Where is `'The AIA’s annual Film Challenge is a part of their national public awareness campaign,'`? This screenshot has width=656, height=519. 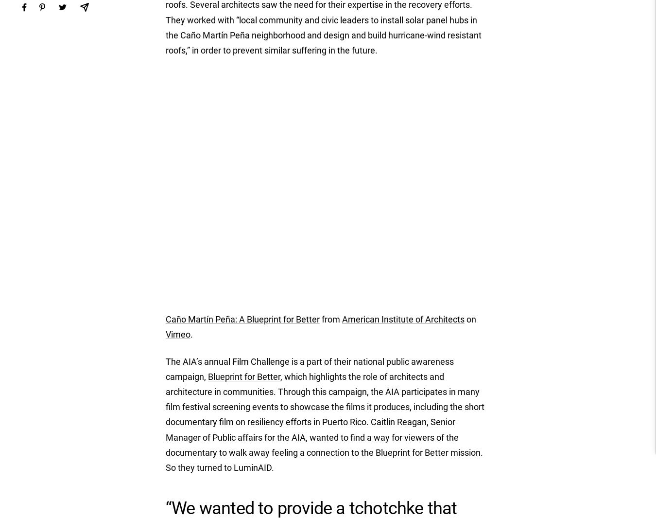
'The AIA’s annual Film Challenge is a part of their national public awareness campaign,' is located at coordinates (310, 368).